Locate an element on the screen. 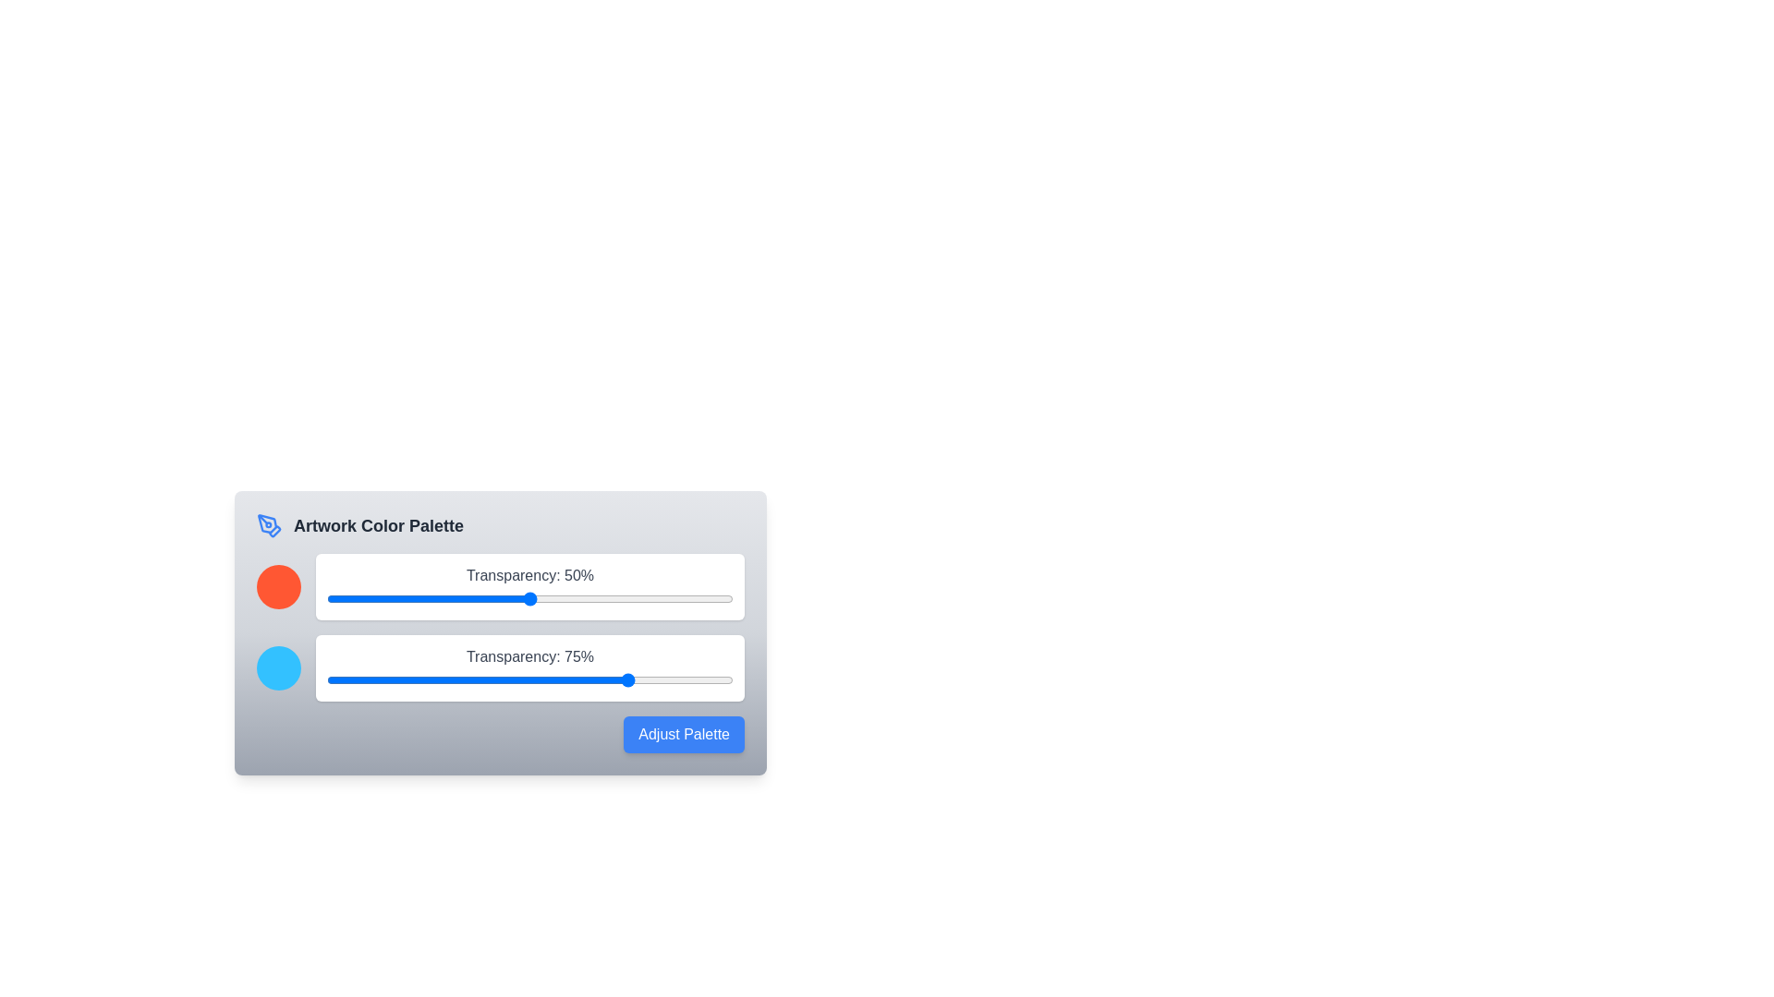  'Adjust Palette' button is located at coordinates (683, 733).